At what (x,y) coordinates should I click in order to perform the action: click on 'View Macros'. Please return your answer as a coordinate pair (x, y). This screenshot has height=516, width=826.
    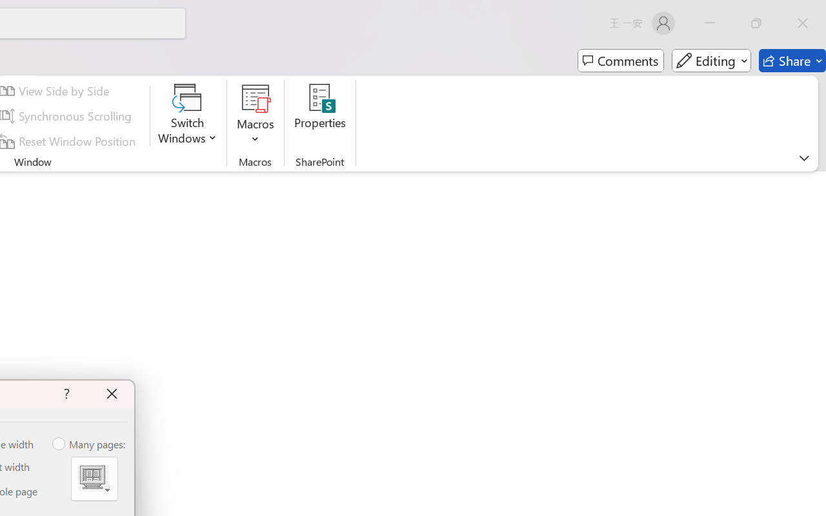
    Looking at the image, I should click on (256, 97).